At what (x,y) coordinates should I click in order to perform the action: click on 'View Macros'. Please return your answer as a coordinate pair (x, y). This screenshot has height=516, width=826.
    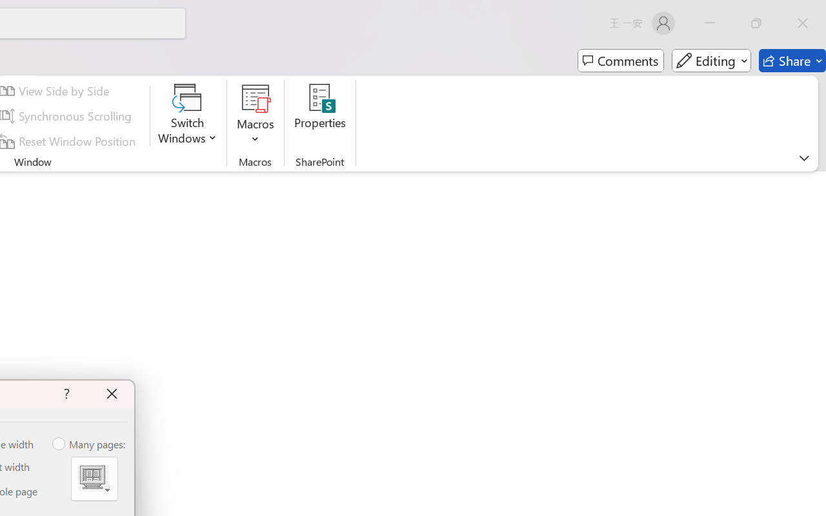
    Looking at the image, I should click on (256, 97).